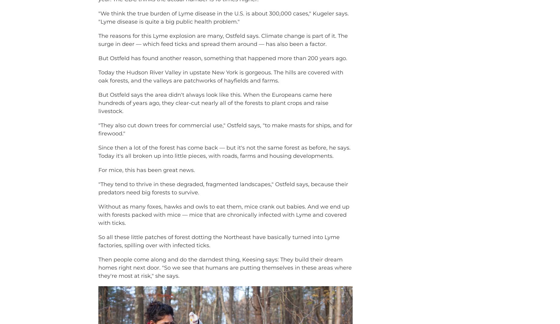  What do you see at coordinates (222, 67) in the screenshot?
I see `'But Ostfeld has found another reason, something that happened more than 200 years ago.'` at bounding box center [222, 67].